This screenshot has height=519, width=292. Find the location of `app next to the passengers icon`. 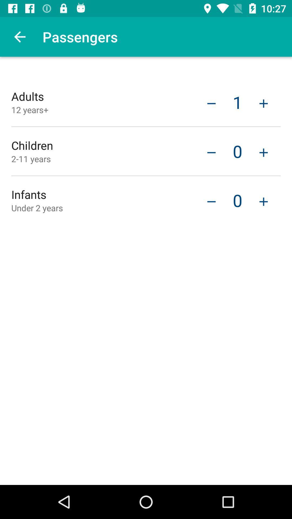

app next to the passengers icon is located at coordinates (19, 36).